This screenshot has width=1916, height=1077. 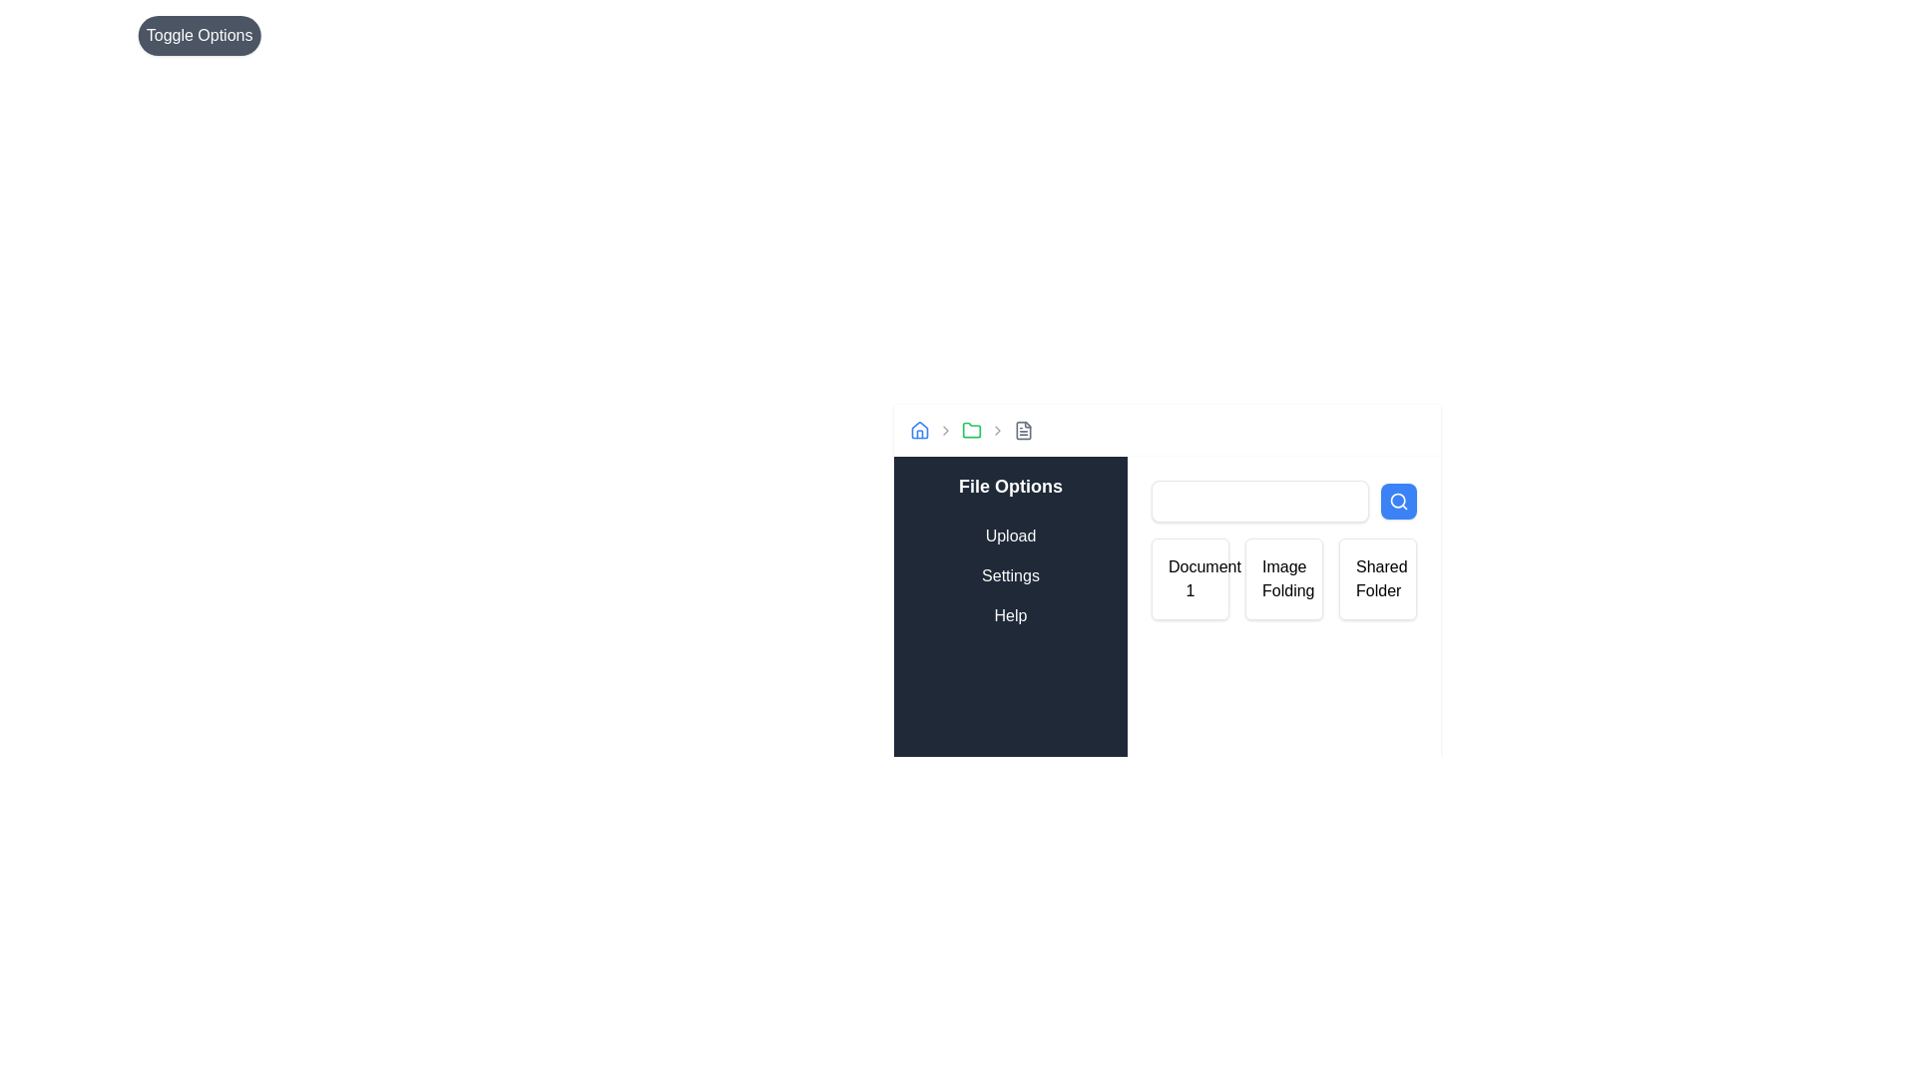 What do you see at coordinates (1397, 500) in the screenshot?
I see `the search icon, which visually represents the search functionality` at bounding box center [1397, 500].